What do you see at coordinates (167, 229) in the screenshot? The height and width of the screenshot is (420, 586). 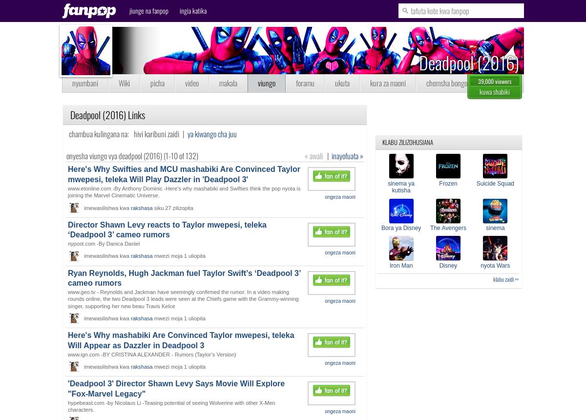 I see `'Director Shawn Levy reacts to Taylor mwepesi, teleka ‘Deadpool 3’ cameo rumors'` at bounding box center [167, 229].